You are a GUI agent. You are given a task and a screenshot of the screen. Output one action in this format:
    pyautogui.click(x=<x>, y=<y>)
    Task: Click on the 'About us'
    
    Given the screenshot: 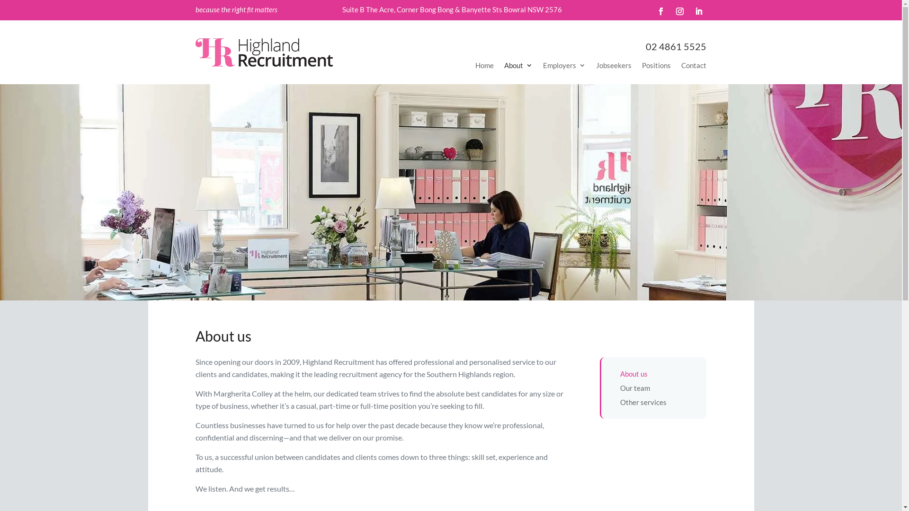 What is the action you would take?
    pyautogui.click(x=634, y=375)
    